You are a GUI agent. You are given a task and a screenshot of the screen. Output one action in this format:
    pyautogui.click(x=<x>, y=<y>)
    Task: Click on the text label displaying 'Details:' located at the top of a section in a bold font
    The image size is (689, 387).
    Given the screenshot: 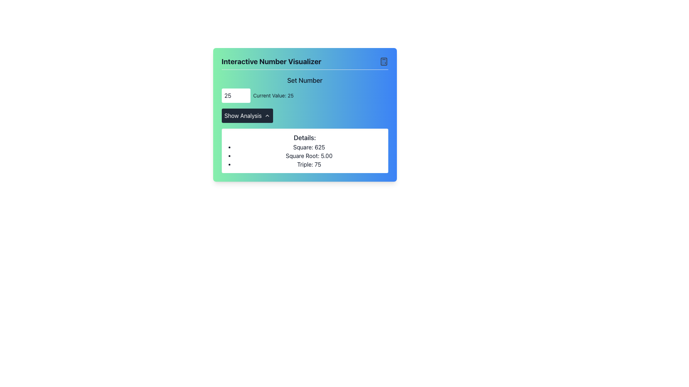 What is the action you would take?
    pyautogui.click(x=305, y=138)
    